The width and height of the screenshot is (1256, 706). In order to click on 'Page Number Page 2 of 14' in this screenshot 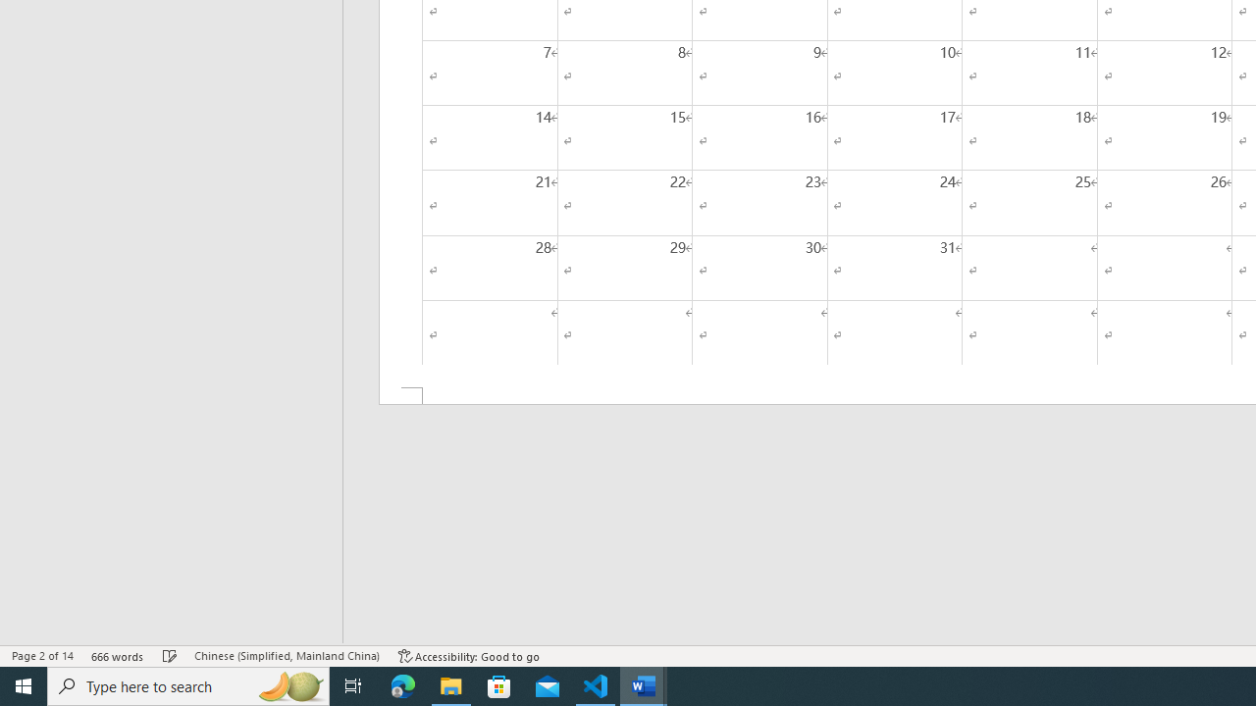, I will do `click(42, 656)`.